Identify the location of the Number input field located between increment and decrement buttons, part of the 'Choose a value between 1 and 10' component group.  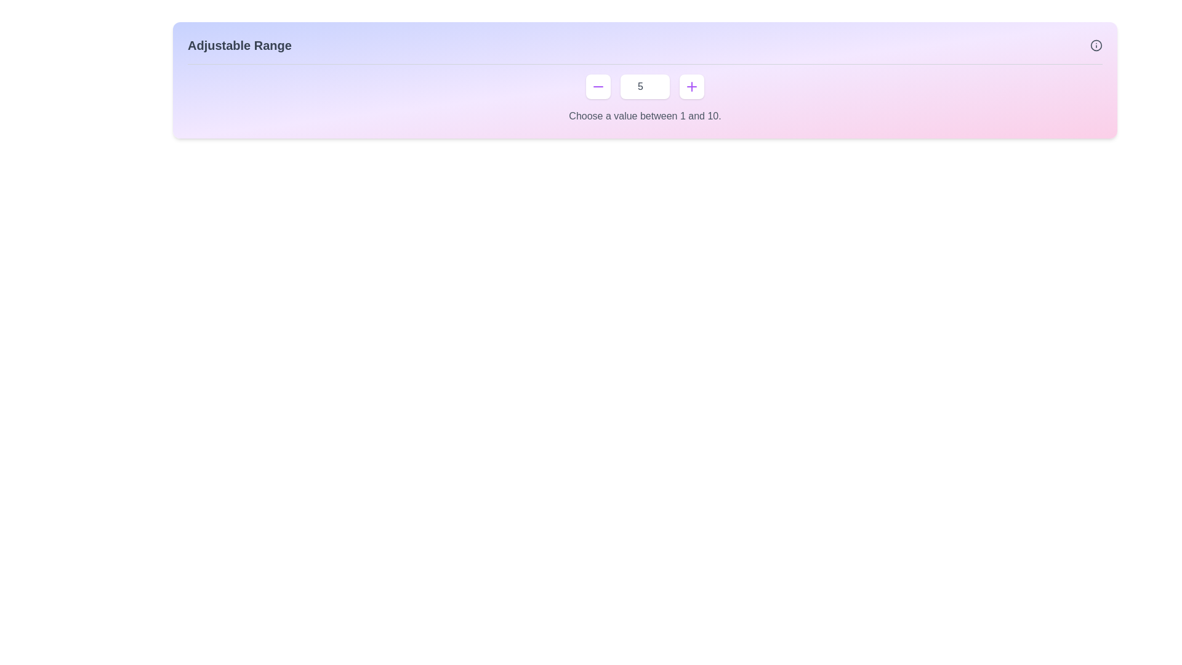
(644, 86).